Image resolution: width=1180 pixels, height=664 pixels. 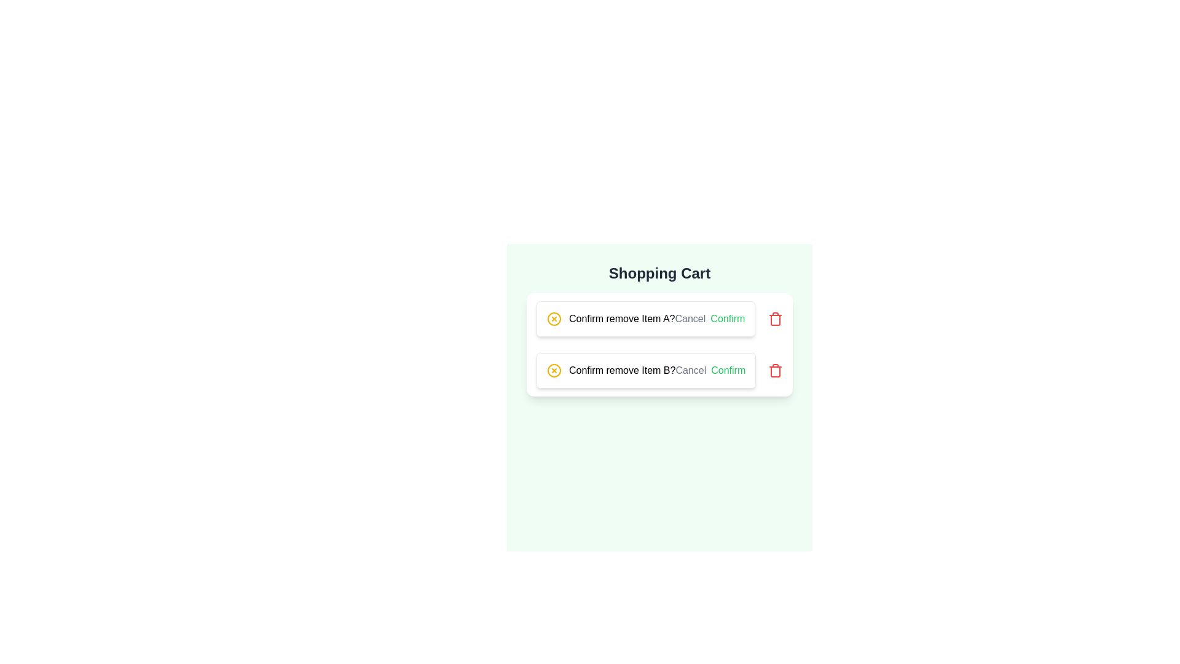 I want to click on the text label that identifies 'Item B' within the shopping cart, located in the second row, adjacent to the price label, so click(x=553, y=370).